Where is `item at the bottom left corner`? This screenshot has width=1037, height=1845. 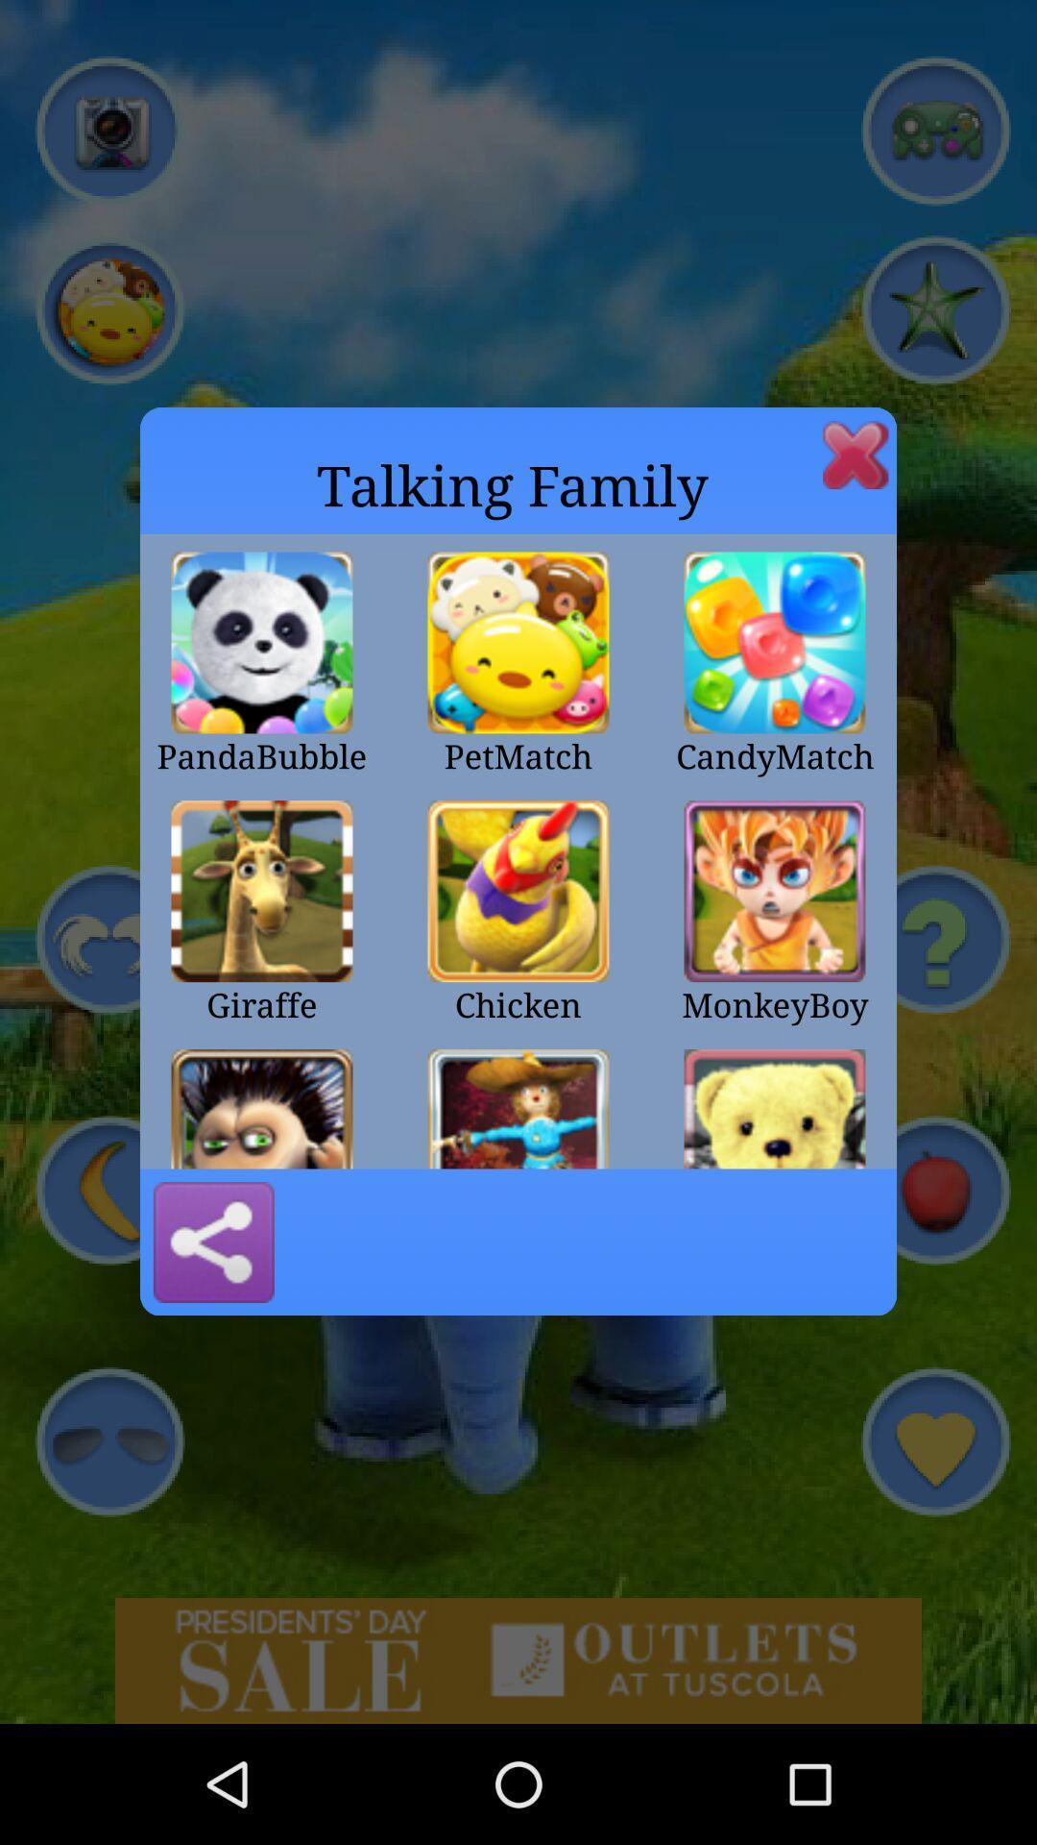 item at the bottom left corner is located at coordinates (213, 1242).